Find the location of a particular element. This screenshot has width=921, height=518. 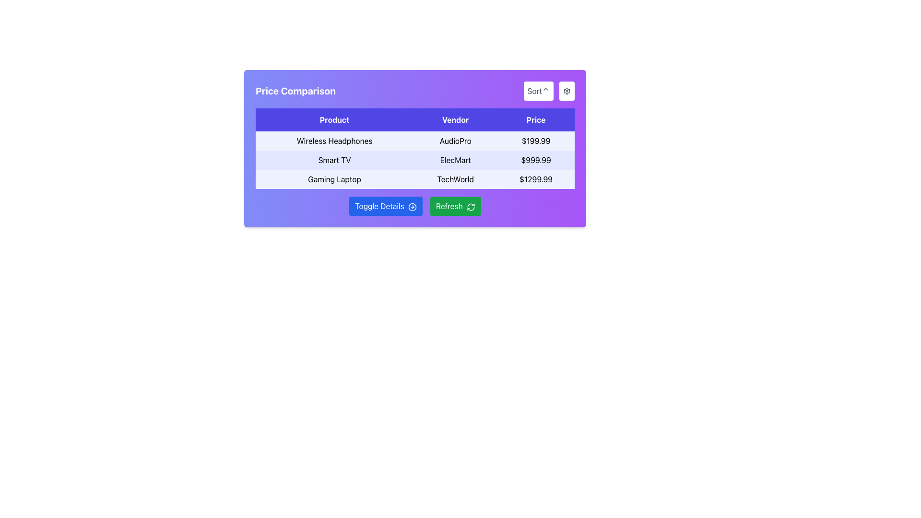

the upward-pointing gray chevron icon located to the right of the 'Sort' label is located at coordinates (545, 89).